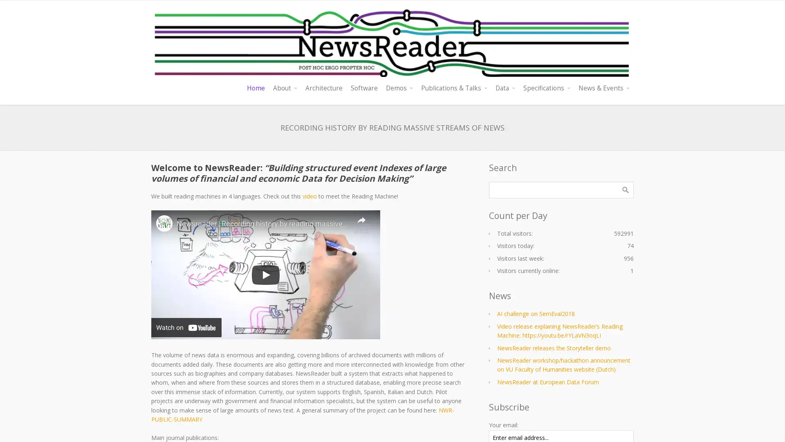  Describe the element at coordinates (625, 189) in the screenshot. I see `Search` at that location.